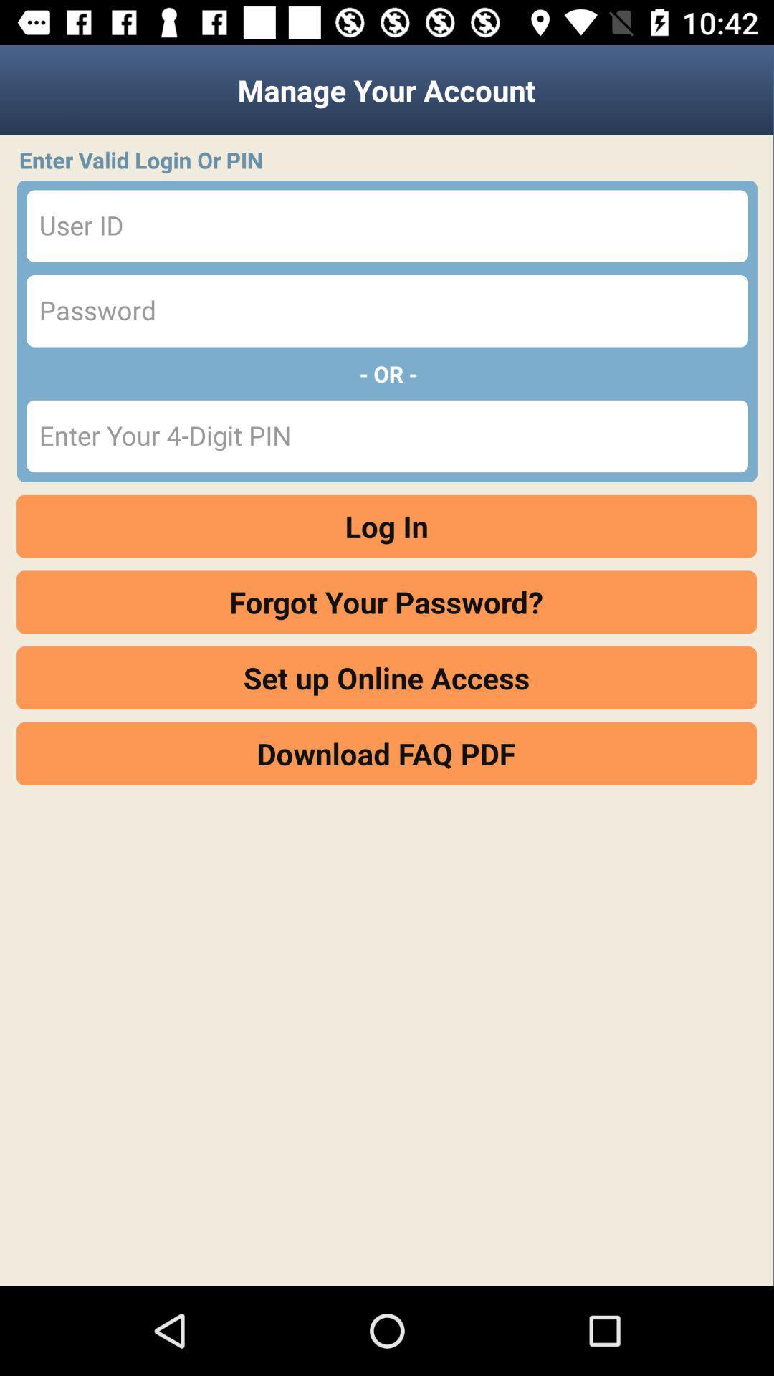 The image size is (774, 1376). What do you see at coordinates (391, 160) in the screenshot?
I see `item below the manage your account` at bounding box center [391, 160].